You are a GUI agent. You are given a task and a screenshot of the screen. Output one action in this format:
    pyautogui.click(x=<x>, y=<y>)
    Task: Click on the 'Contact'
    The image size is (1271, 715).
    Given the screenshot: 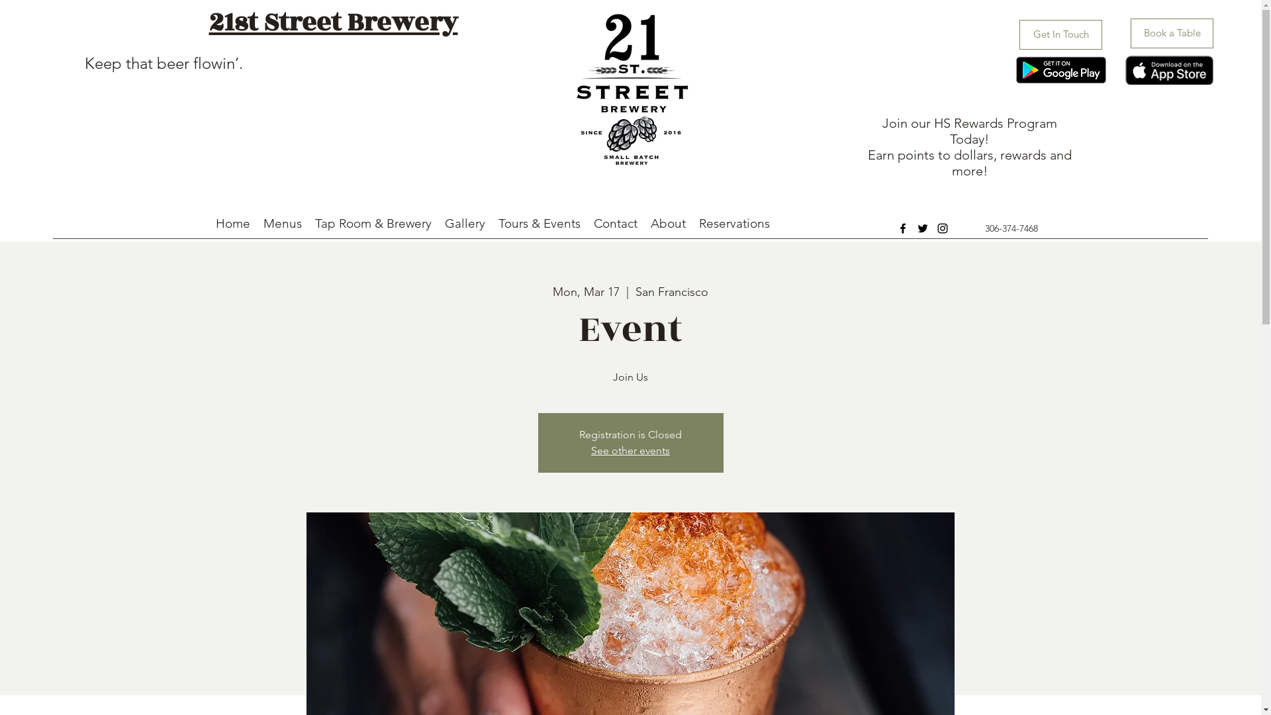 What is the action you would take?
    pyautogui.click(x=586, y=223)
    